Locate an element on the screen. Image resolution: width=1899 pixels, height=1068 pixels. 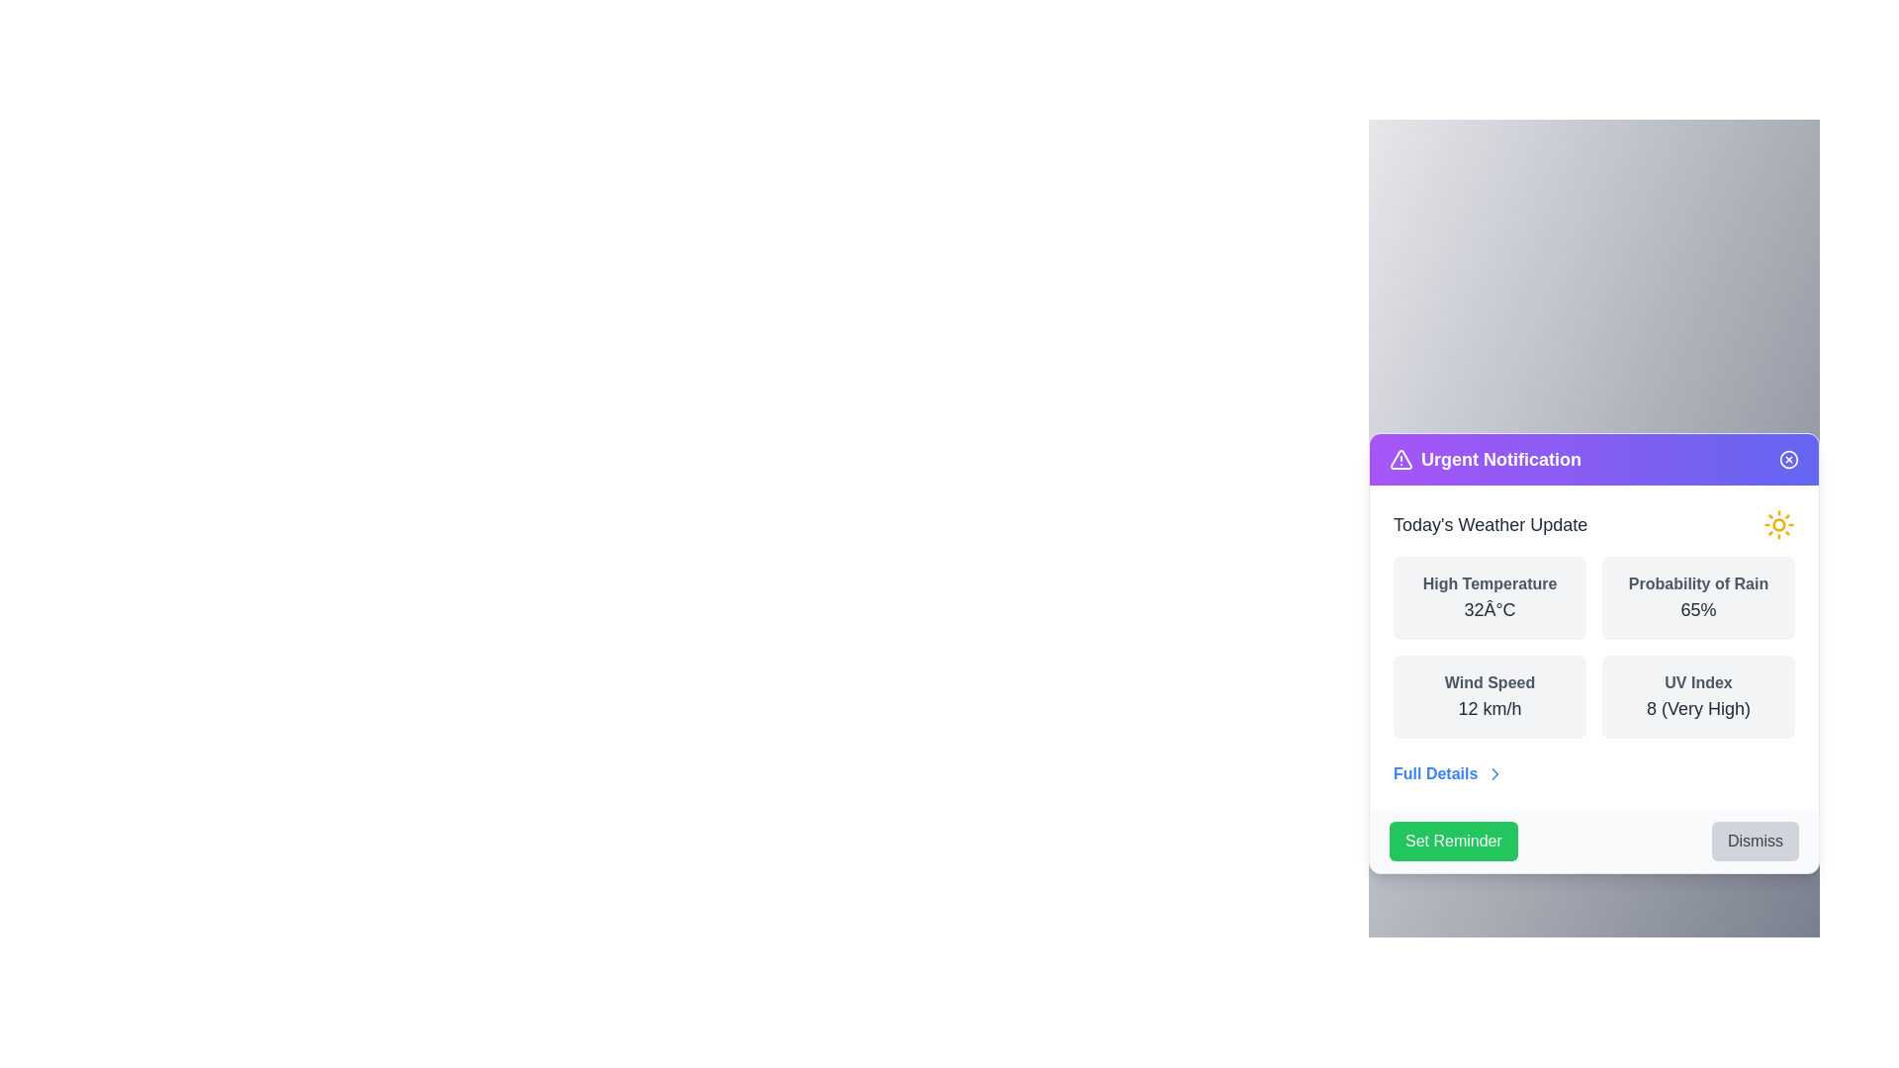
the hyperlinked text element labeled 'Full Details' located at the bottom of the card 'Today's Weather Update' is located at coordinates (1449, 773).